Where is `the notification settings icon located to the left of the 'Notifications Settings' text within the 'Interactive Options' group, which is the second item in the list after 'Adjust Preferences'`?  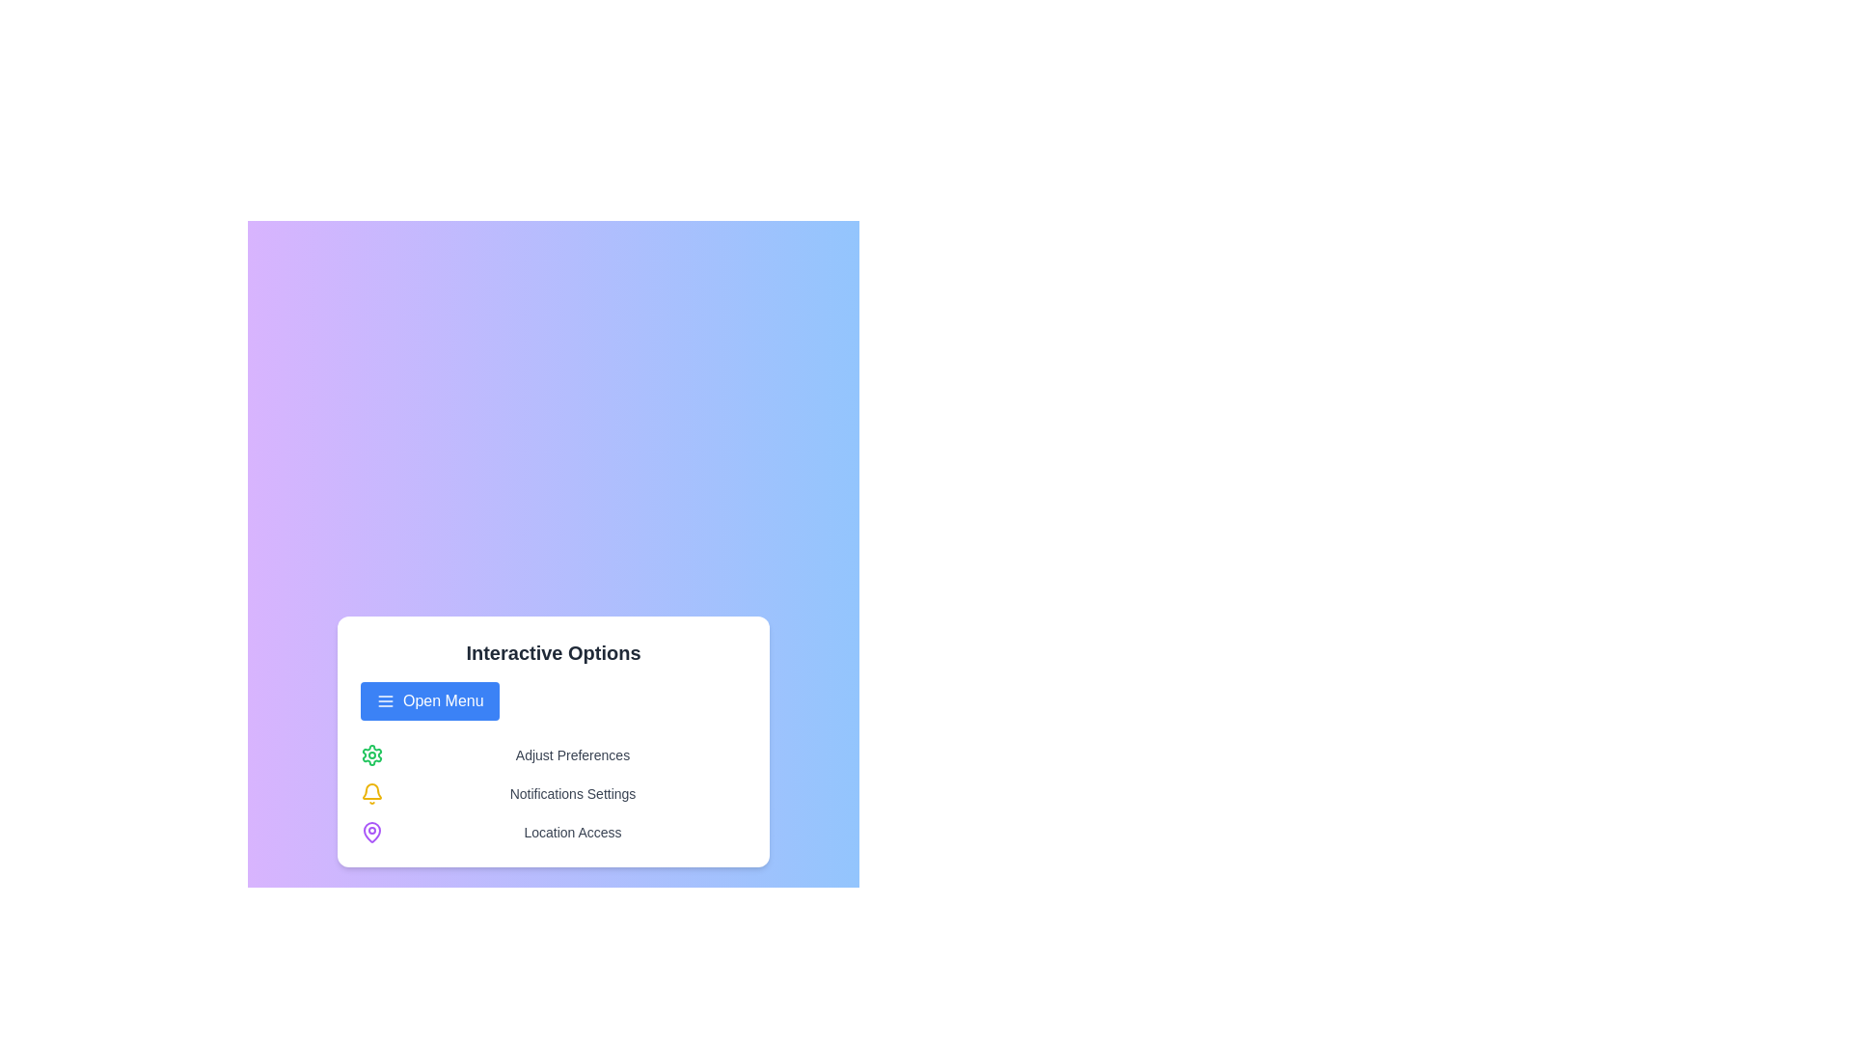
the notification settings icon located to the left of the 'Notifications Settings' text within the 'Interactive Options' group, which is the second item in the list after 'Adjust Preferences' is located at coordinates (371, 793).